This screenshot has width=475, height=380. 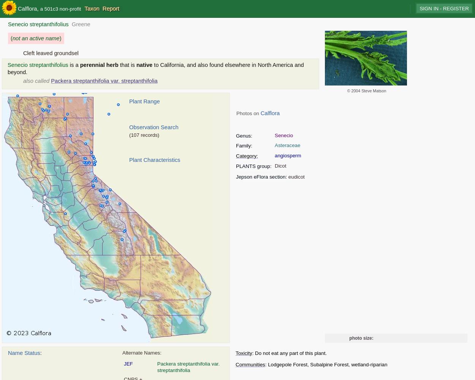 What do you see at coordinates (24, 353) in the screenshot?
I see `'Name Status'` at bounding box center [24, 353].